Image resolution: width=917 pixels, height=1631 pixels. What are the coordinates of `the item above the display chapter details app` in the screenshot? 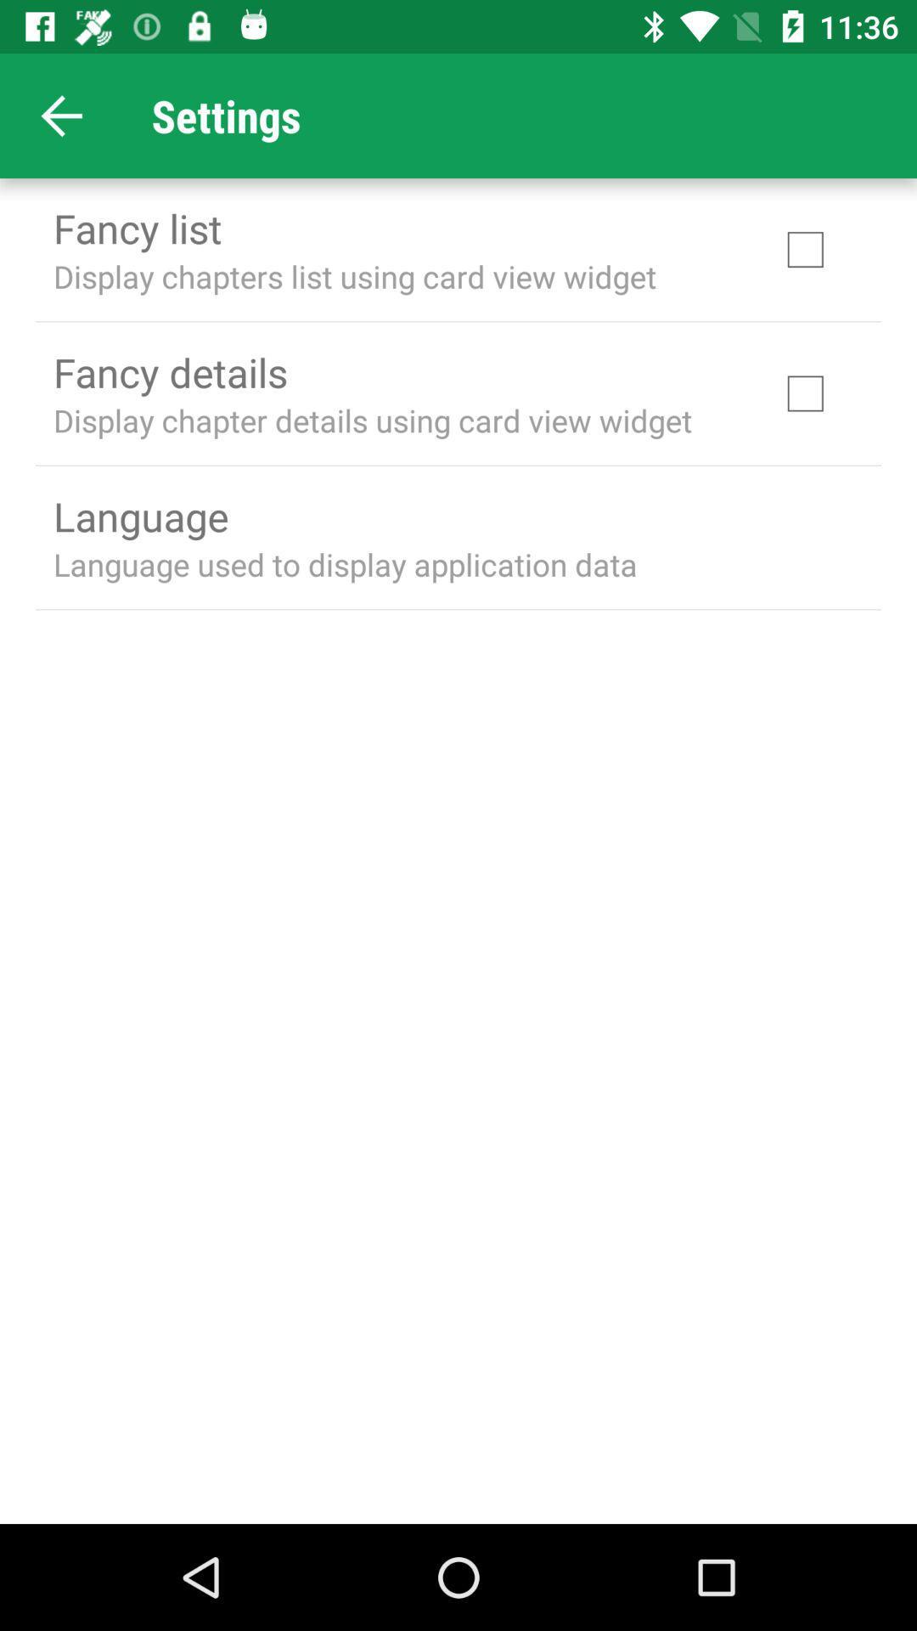 It's located at (170, 371).